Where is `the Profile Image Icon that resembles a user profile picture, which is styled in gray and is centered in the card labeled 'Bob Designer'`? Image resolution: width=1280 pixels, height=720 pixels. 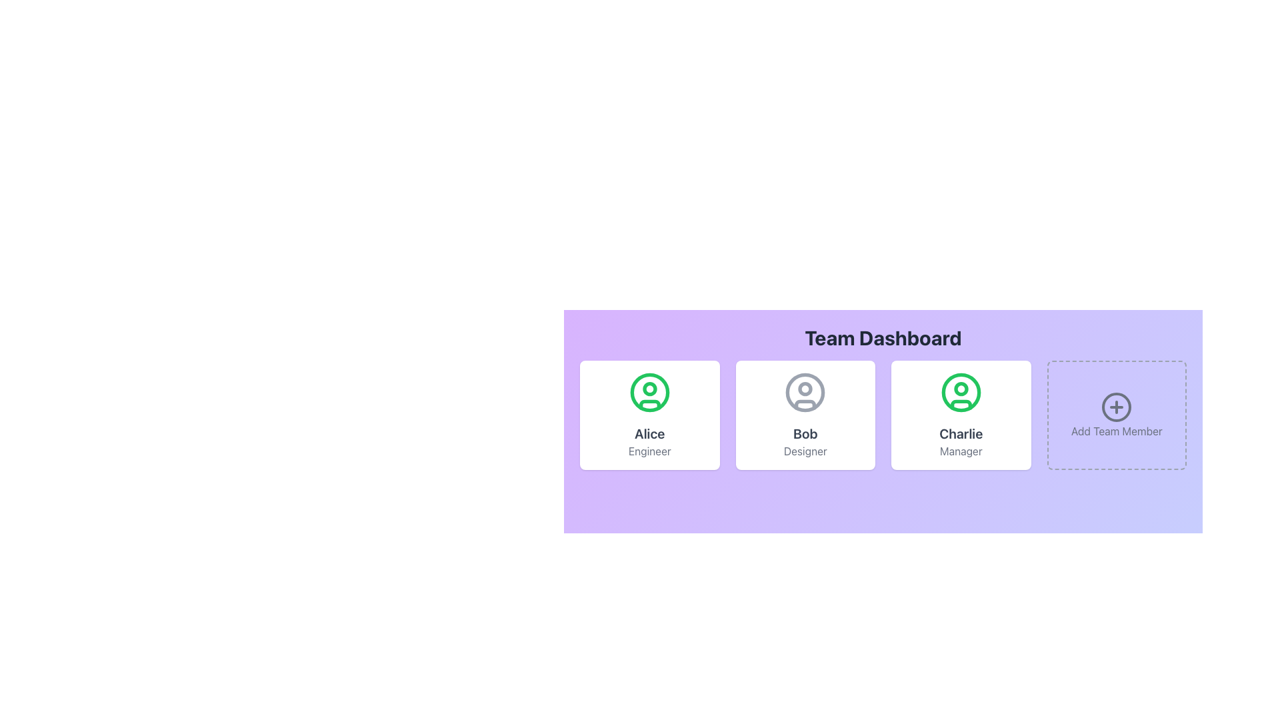
the Profile Image Icon that resembles a user profile picture, which is styled in gray and is centered in the card labeled 'Bob Designer' is located at coordinates (805, 392).